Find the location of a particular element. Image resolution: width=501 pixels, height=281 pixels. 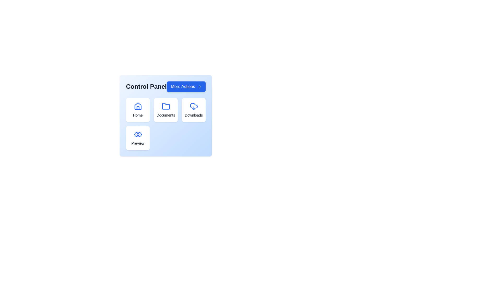

the Vector shape element that completes the visual representation of a house icon, located in the top left quadrant of the interface panel is located at coordinates (138, 108).